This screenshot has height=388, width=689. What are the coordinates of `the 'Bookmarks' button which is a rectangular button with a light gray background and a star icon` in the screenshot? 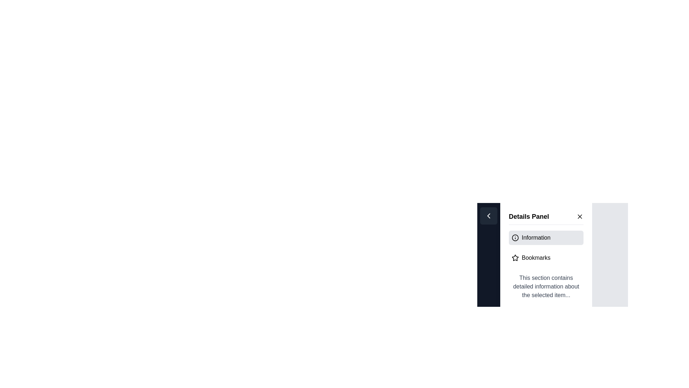 It's located at (545, 257).